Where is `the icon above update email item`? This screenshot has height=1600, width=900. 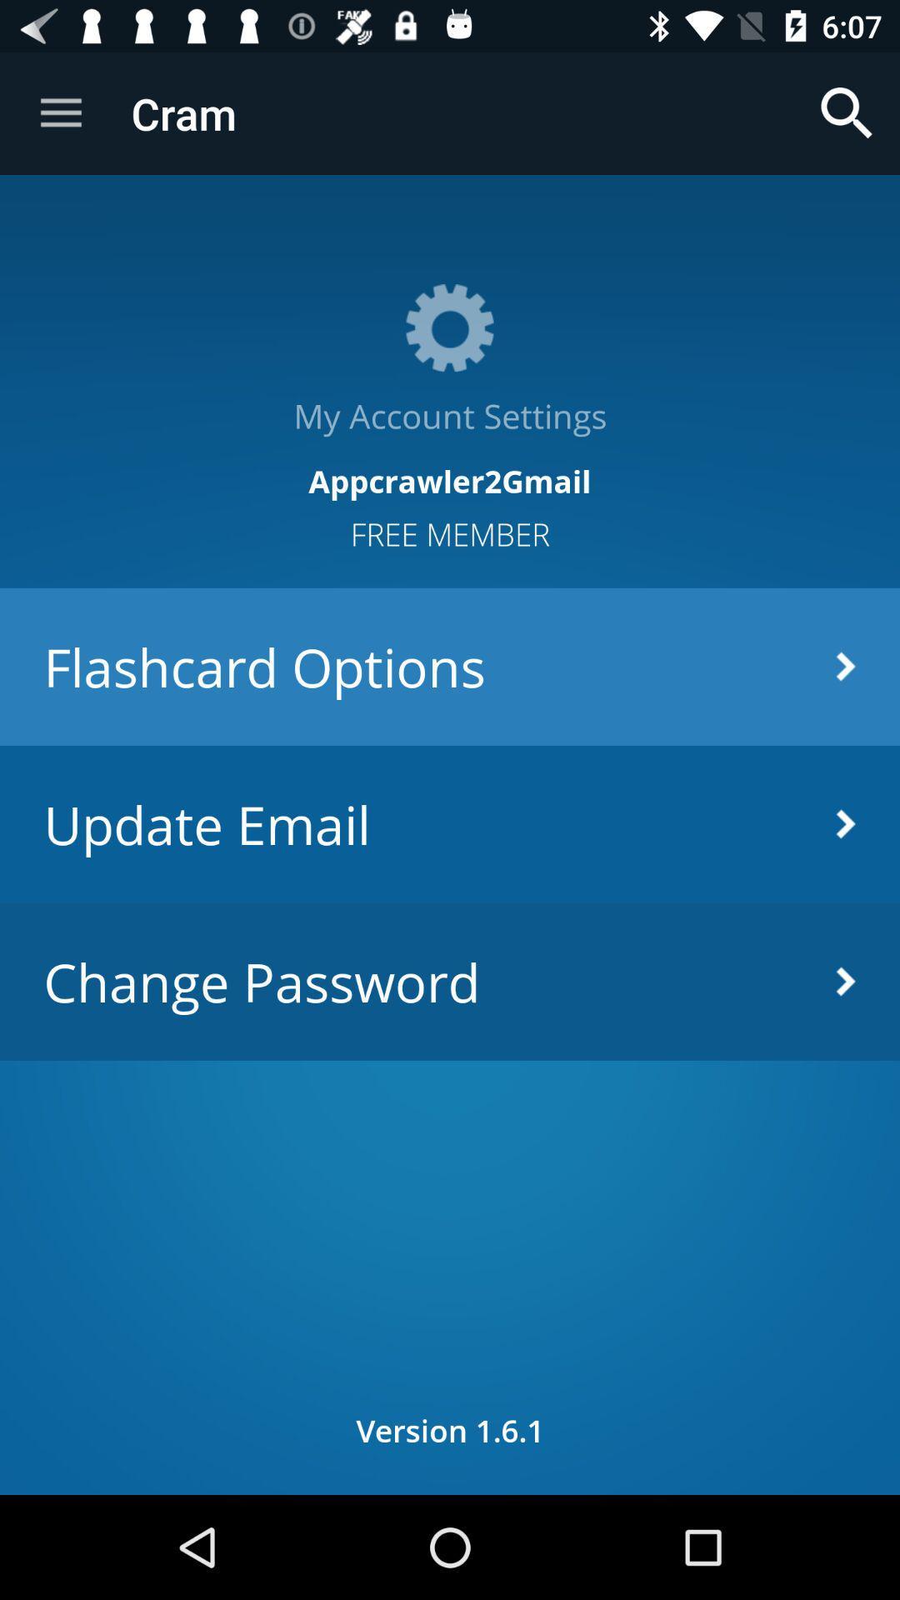 the icon above update email item is located at coordinates (450, 667).